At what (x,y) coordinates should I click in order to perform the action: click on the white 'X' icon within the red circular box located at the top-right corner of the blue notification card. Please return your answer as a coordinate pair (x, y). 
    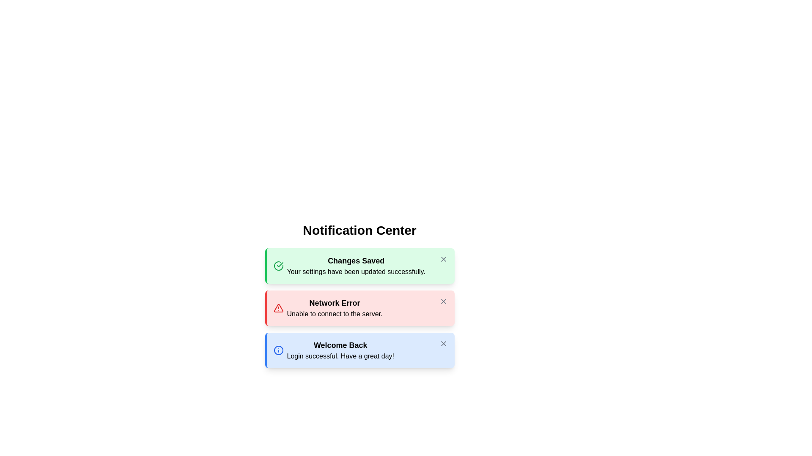
    Looking at the image, I should click on (443, 343).